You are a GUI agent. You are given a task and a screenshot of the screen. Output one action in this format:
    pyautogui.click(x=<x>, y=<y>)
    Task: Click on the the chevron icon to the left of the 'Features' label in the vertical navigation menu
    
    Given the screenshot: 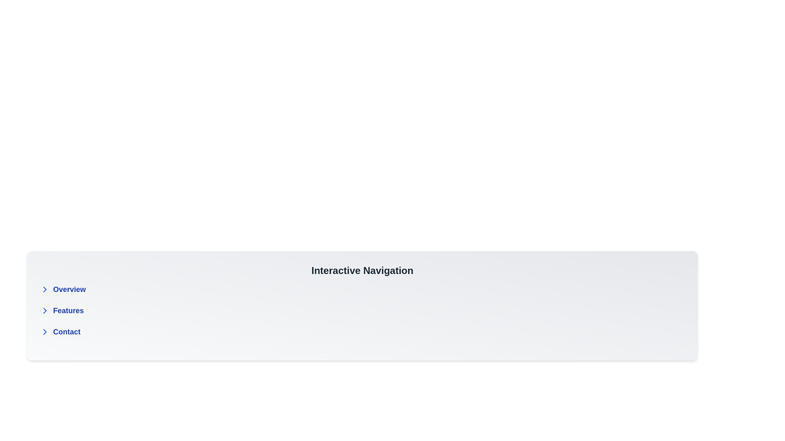 What is the action you would take?
    pyautogui.click(x=45, y=310)
    